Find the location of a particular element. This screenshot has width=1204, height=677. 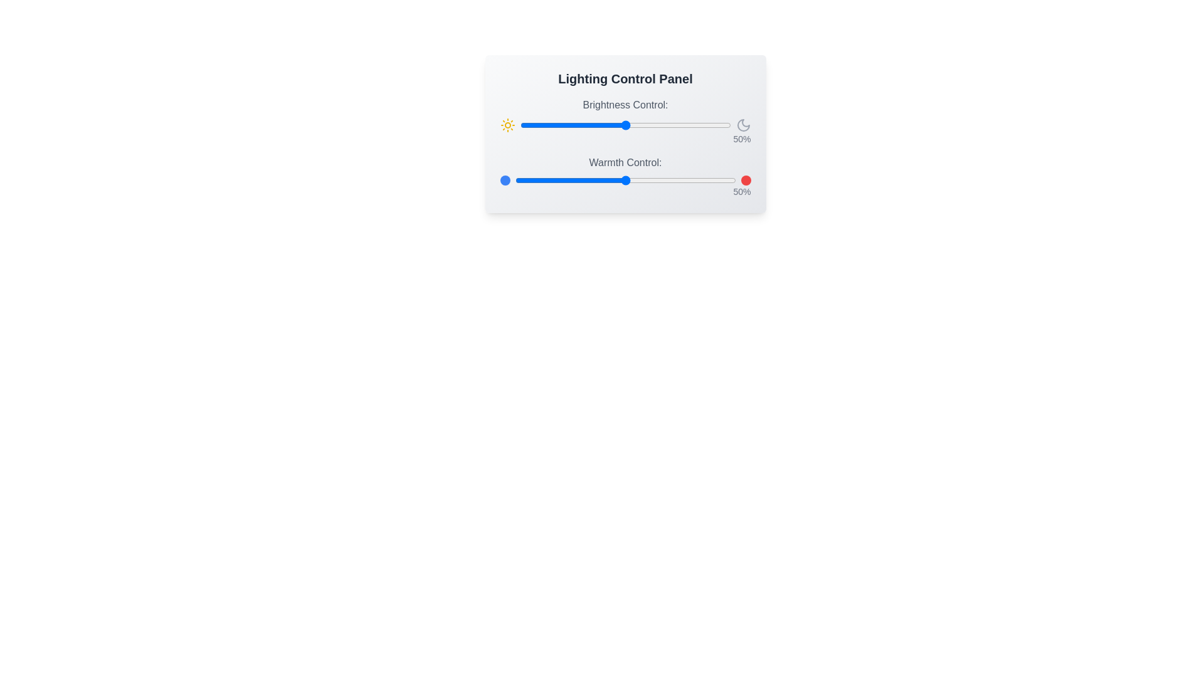

brightness is located at coordinates (726, 125).